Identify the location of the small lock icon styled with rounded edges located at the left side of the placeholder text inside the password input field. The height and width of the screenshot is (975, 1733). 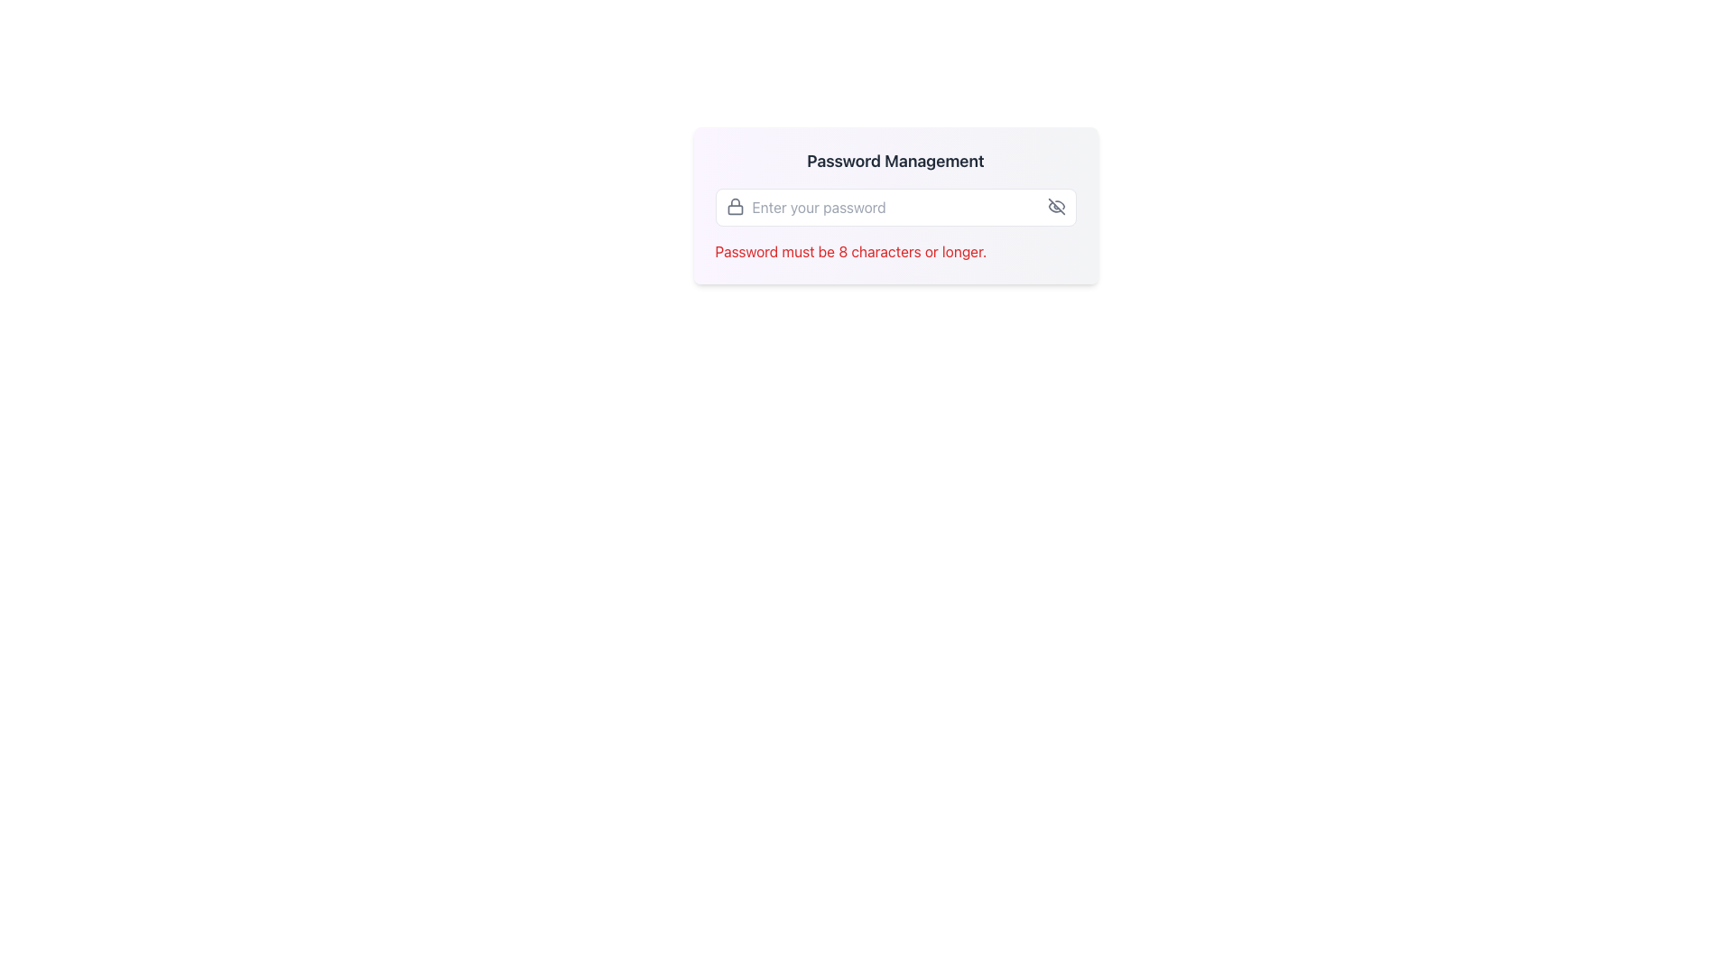
(735, 205).